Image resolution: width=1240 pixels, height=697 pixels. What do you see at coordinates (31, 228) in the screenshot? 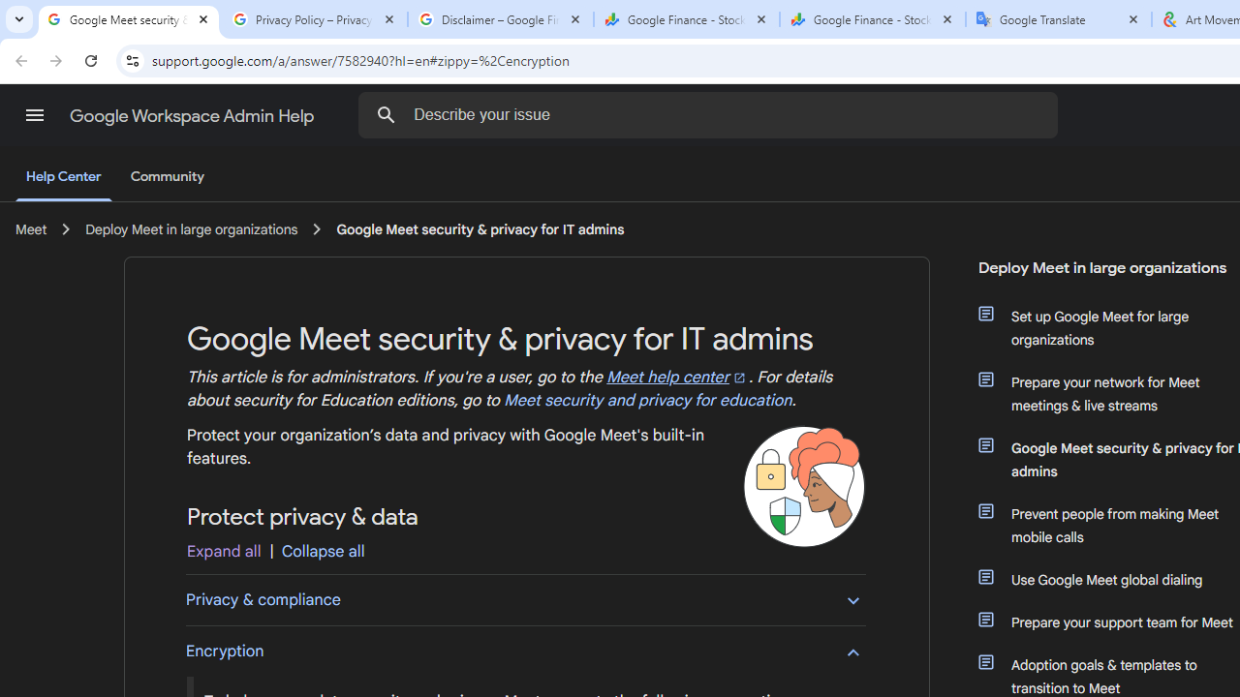
I see `'Meet '` at bounding box center [31, 228].